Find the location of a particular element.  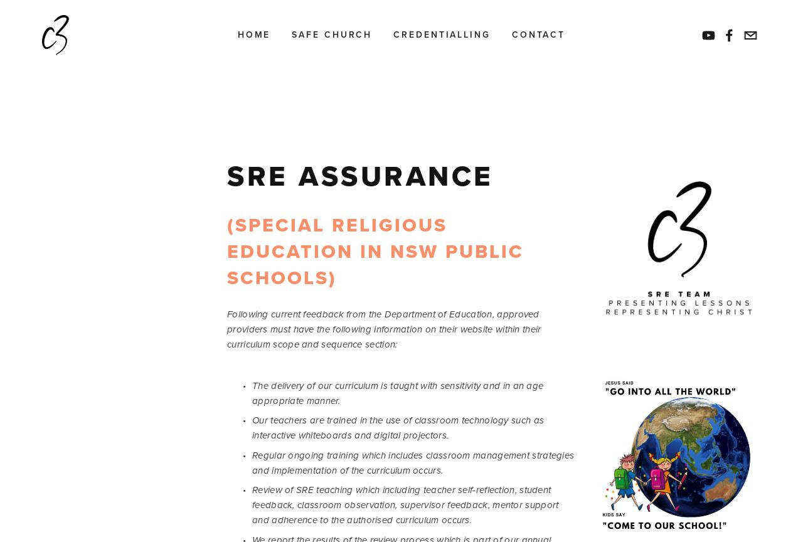

'Regular ongoing training which includes classroom management strategies and implementation of the curriculum occurs.' is located at coordinates (252, 462).